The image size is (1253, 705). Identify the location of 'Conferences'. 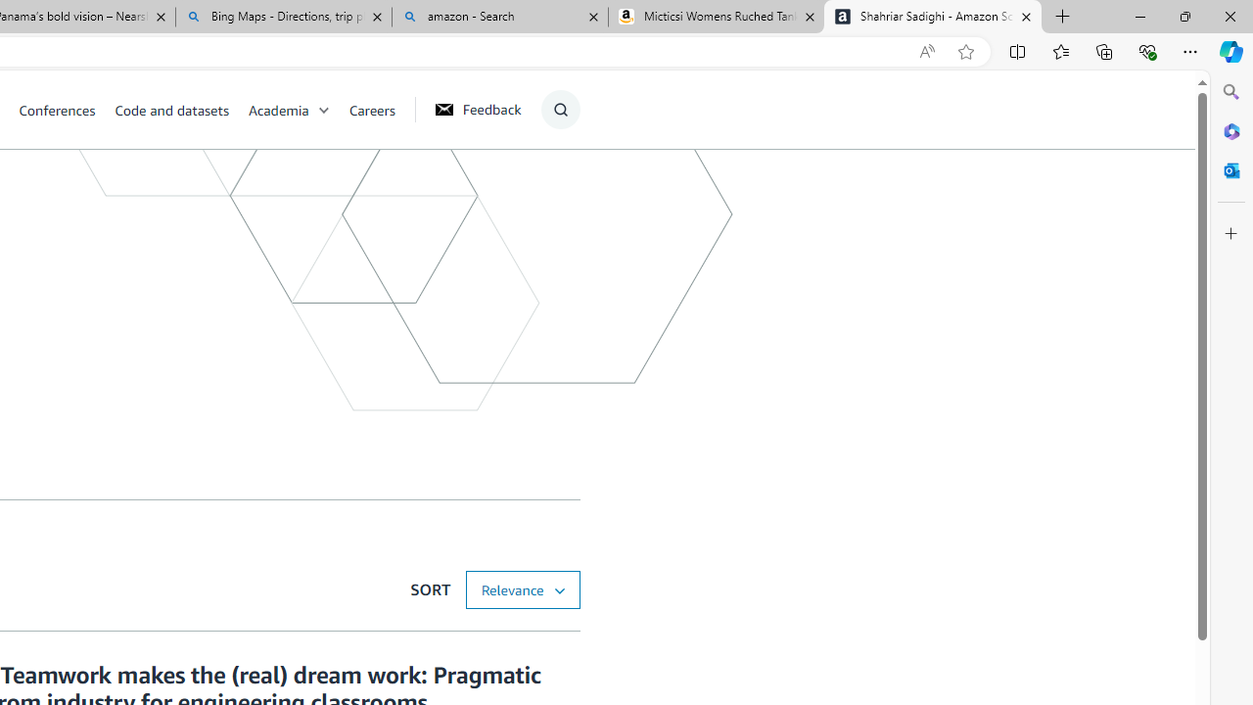
(67, 109).